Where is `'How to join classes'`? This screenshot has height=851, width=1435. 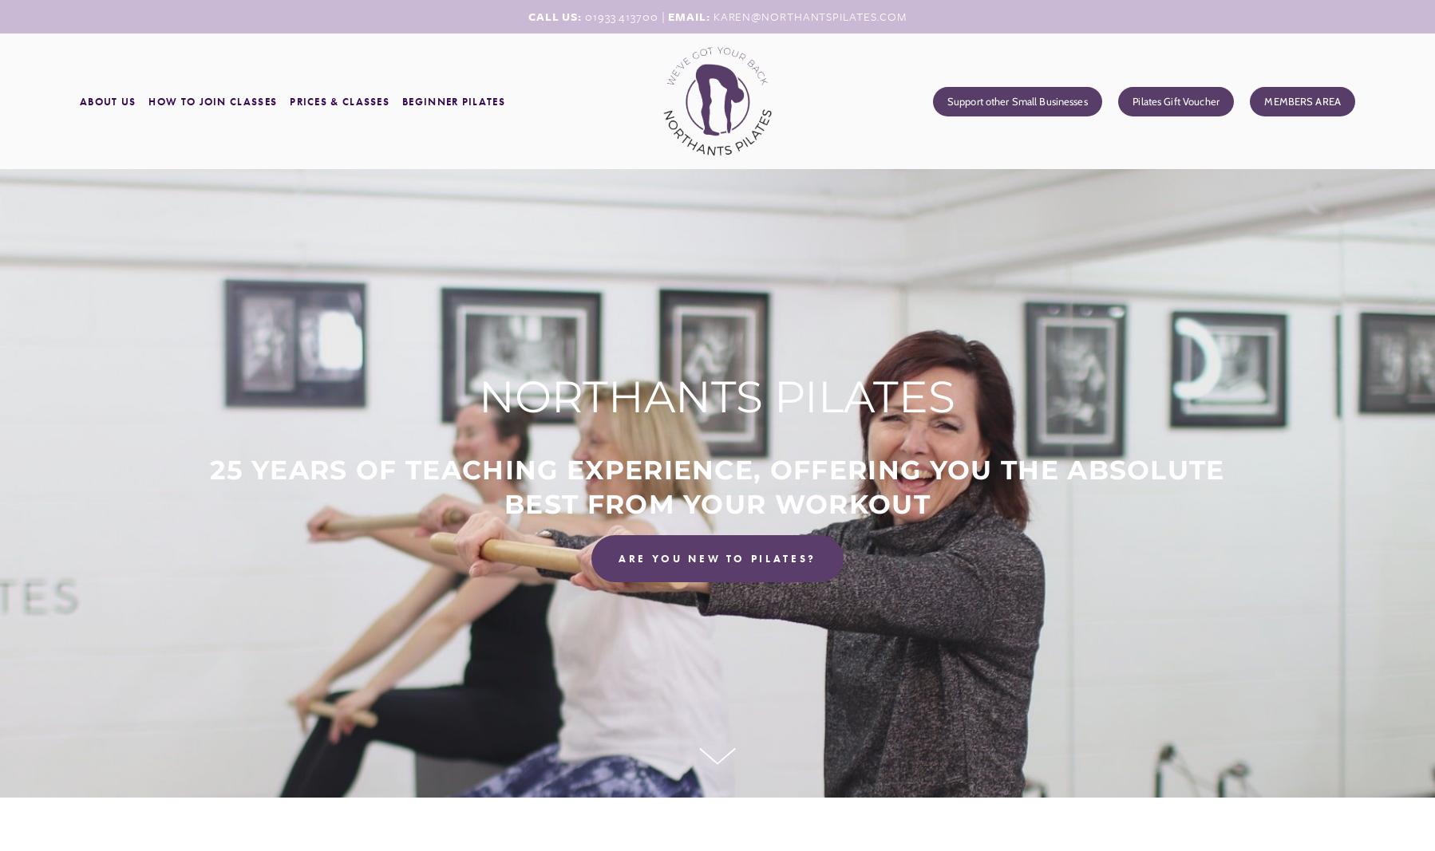
'How to join classes' is located at coordinates (212, 100).